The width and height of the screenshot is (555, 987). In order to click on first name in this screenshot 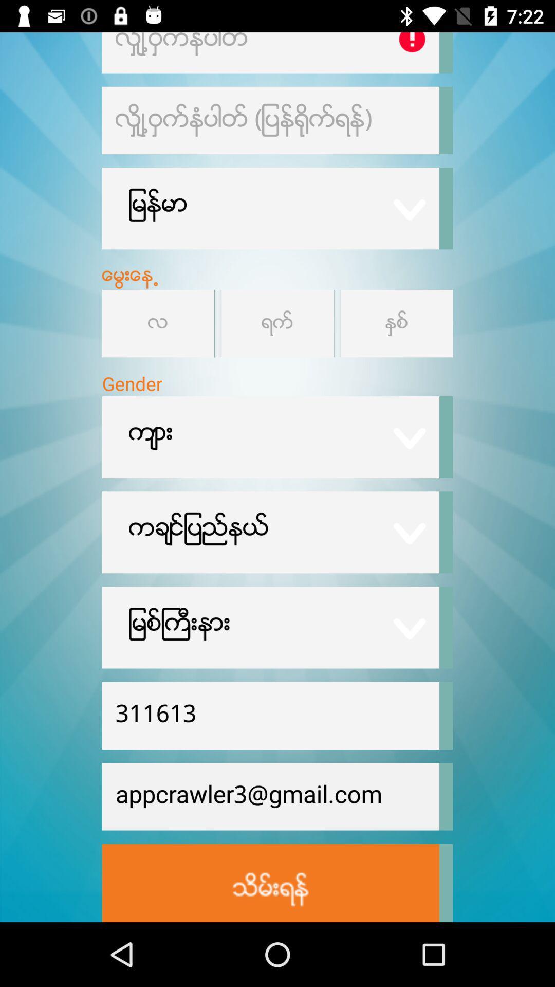, I will do `click(270, 52)`.